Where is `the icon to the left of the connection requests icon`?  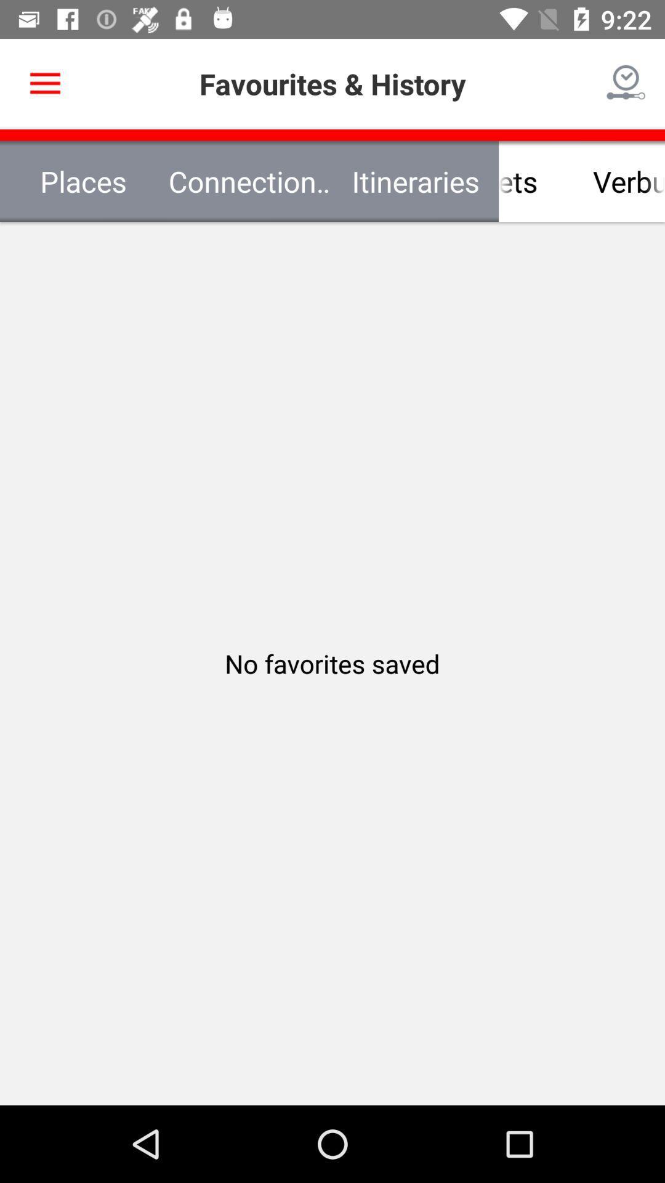
the icon to the left of the connection requests icon is located at coordinates (83, 181).